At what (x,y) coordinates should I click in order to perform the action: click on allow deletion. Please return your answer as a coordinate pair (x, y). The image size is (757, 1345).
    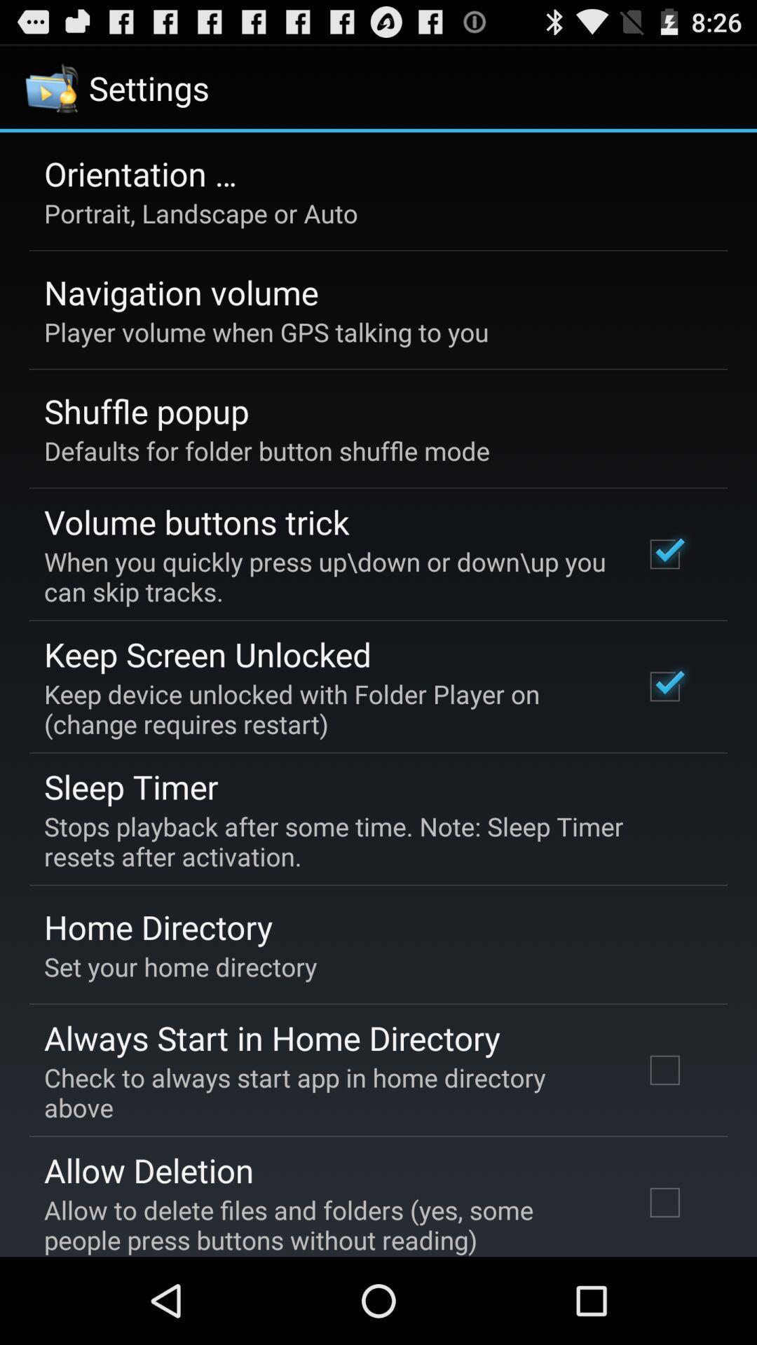
    Looking at the image, I should click on (149, 1170).